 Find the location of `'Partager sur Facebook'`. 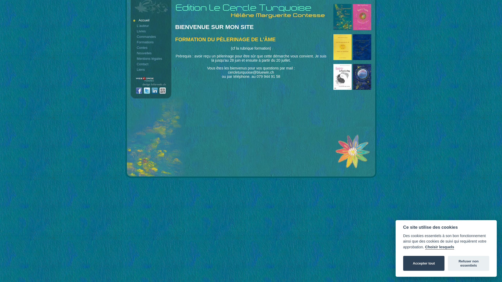

'Partager sur Facebook' is located at coordinates (139, 91).